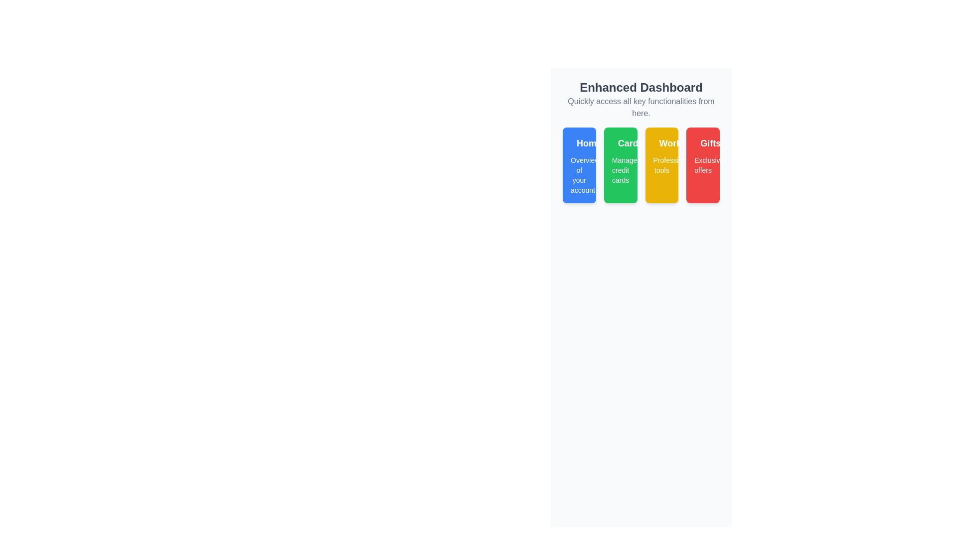 Image resolution: width=957 pixels, height=538 pixels. What do you see at coordinates (620, 143) in the screenshot?
I see `the green rectangular component with the white text label 'Cards', which is the second item in a row of components related to managing credit cards` at bounding box center [620, 143].